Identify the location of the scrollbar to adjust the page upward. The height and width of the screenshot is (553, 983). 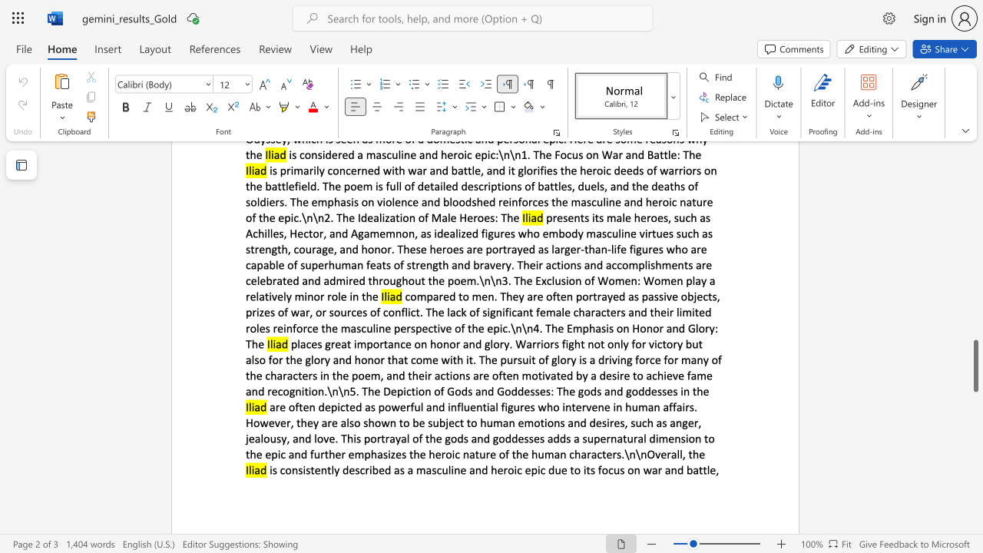
(975, 321).